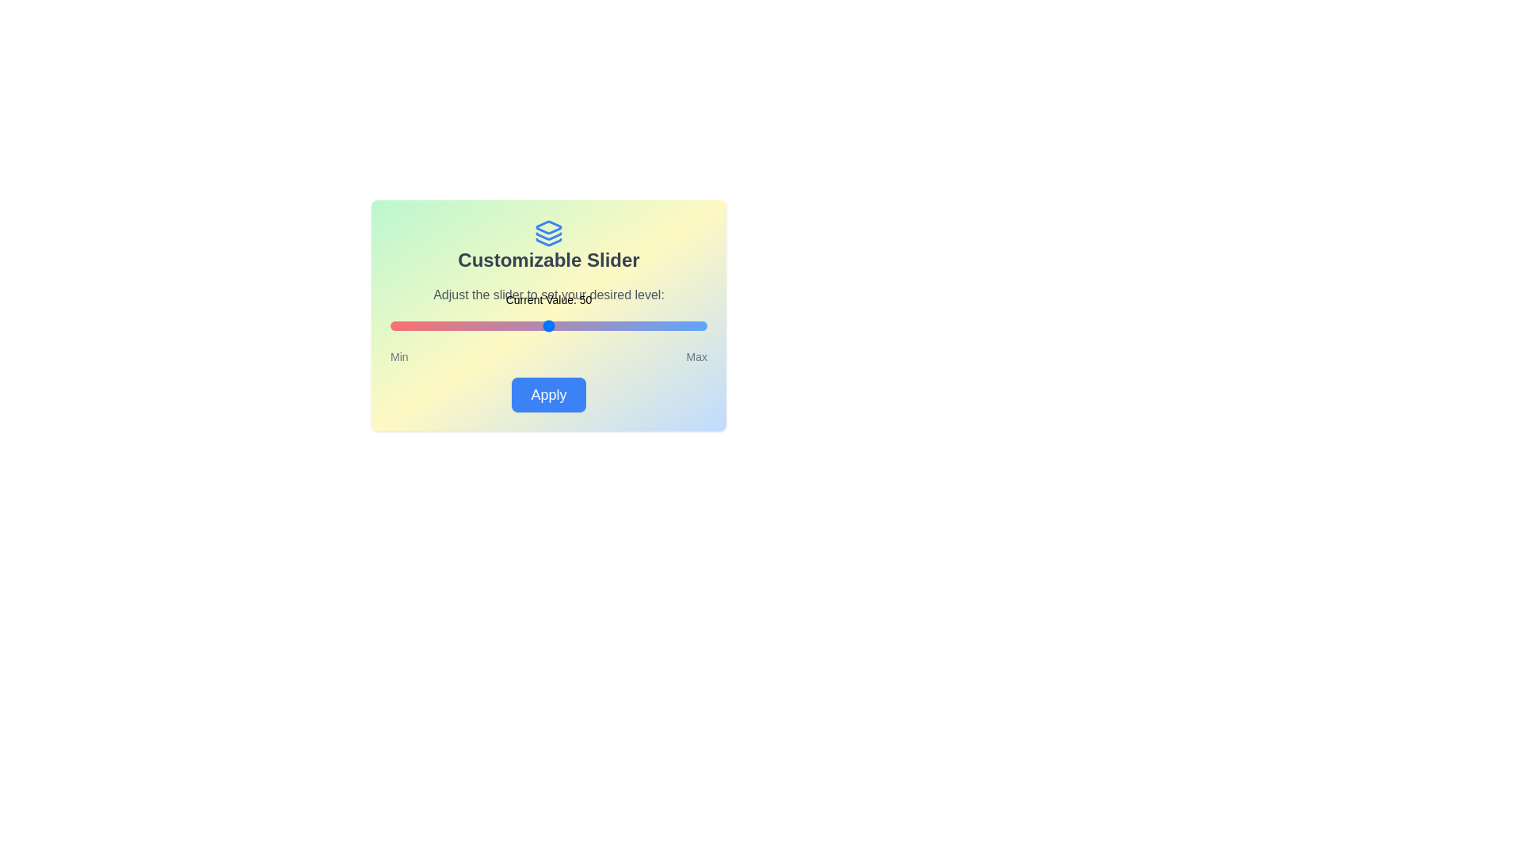 The width and height of the screenshot is (1521, 855). I want to click on the slider to set its value to 7, so click(413, 325).